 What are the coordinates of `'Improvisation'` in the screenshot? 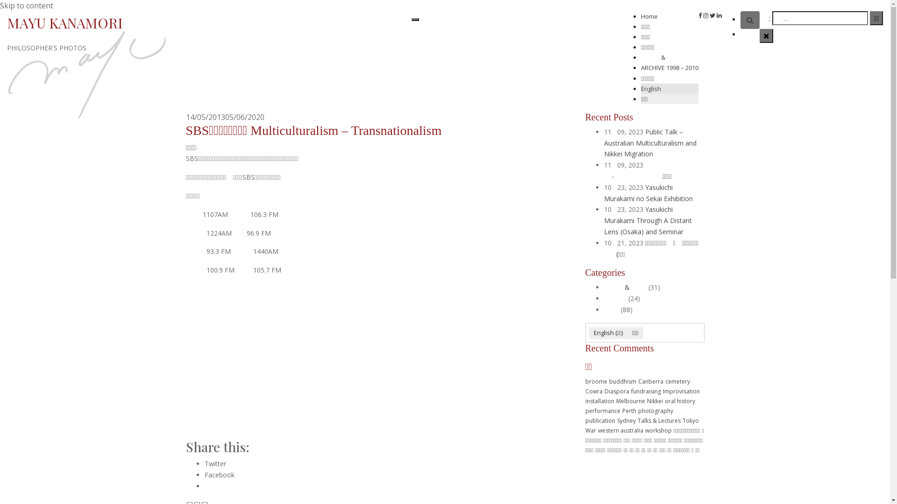 It's located at (681, 391).